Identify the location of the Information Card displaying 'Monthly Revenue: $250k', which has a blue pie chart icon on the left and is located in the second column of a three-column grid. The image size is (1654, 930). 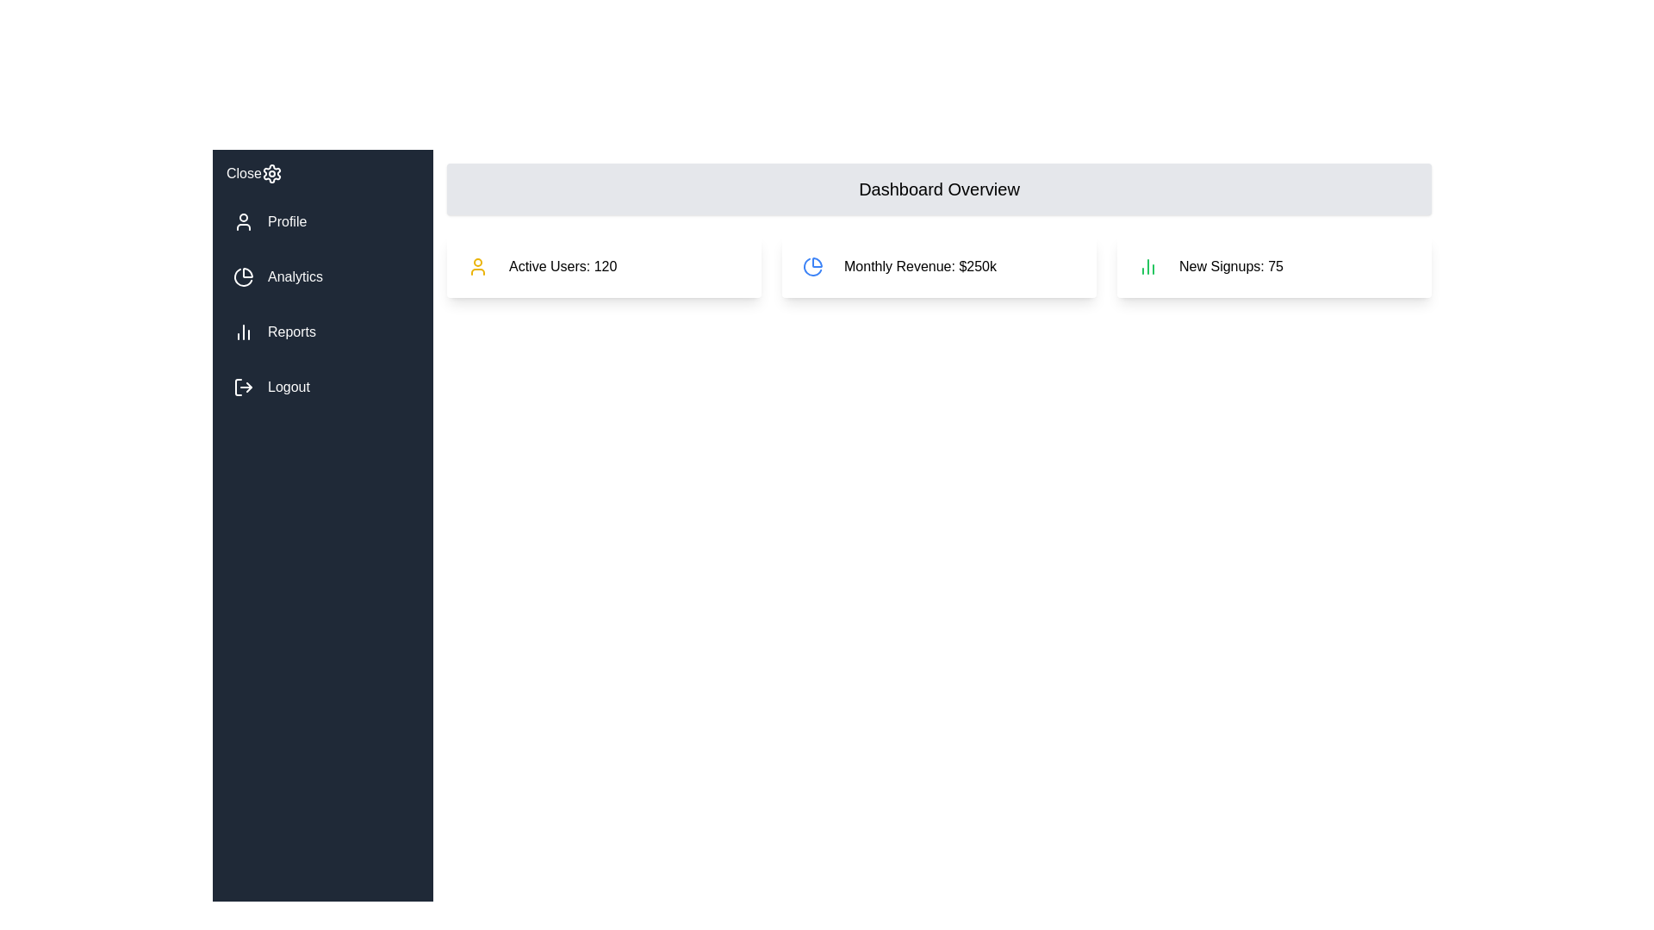
(938, 266).